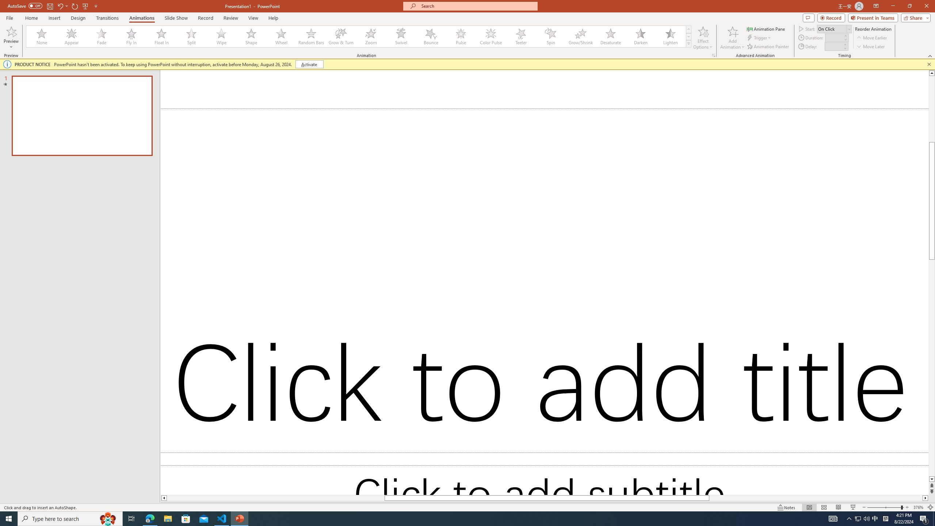 The width and height of the screenshot is (935, 526). Describe the element at coordinates (640, 36) in the screenshot. I see `'Darken'` at that location.